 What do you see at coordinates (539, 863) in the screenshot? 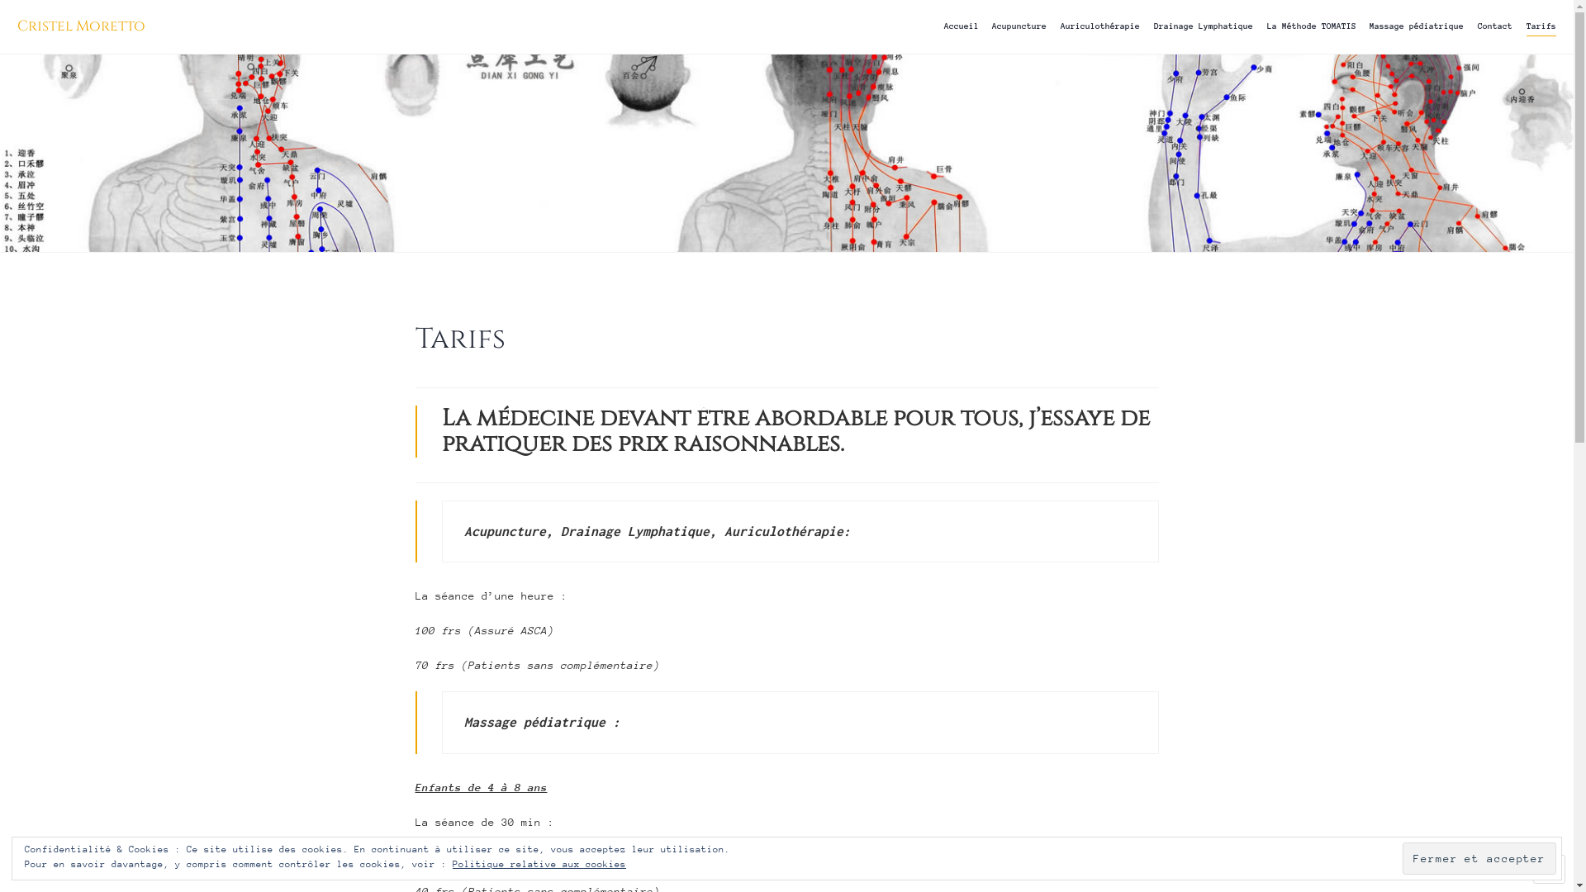
I see `'Politique relative aux cookies'` at bounding box center [539, 863].